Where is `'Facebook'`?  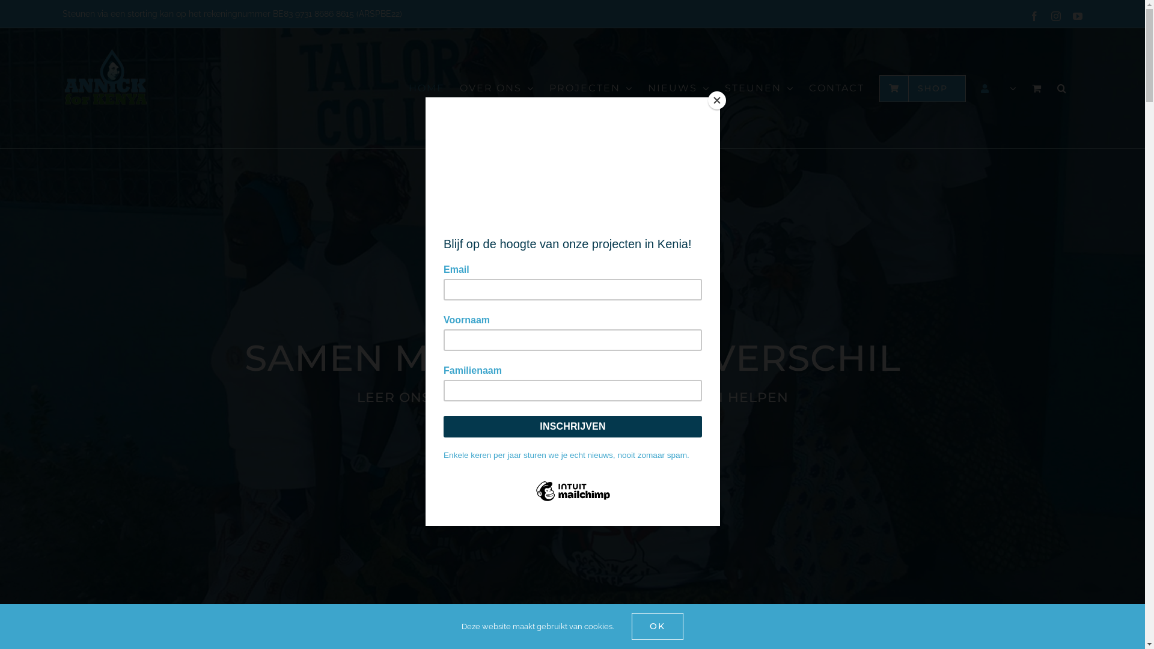
'Facebook' is located at coordinates (1034, 16).